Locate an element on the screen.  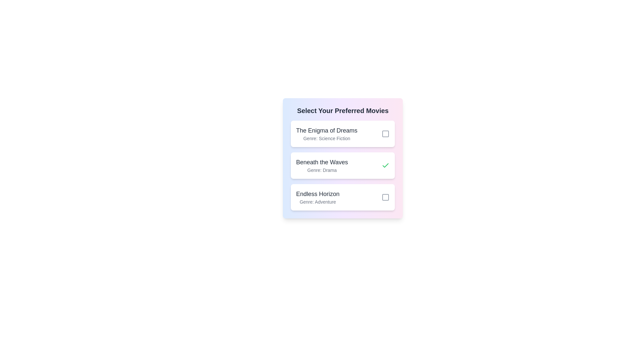
the list item corresponding to The Enigma of Dreams is located at coordinates (343, 134).